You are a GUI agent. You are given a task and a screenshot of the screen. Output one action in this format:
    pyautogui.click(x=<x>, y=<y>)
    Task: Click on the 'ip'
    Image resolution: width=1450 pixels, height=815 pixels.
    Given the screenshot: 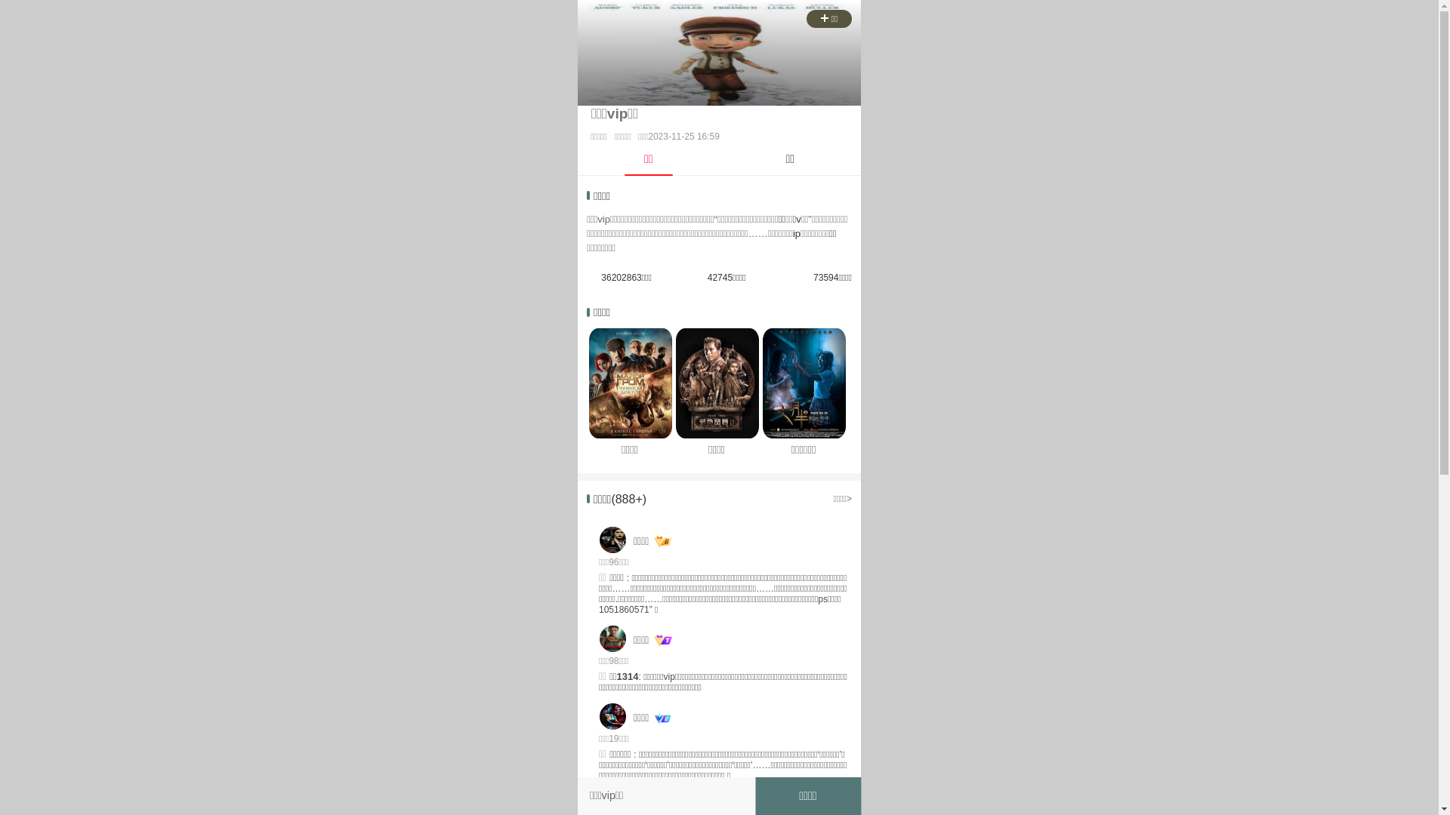 What is the action you would take?
    pyautogui.click(x=796, y=233)
    